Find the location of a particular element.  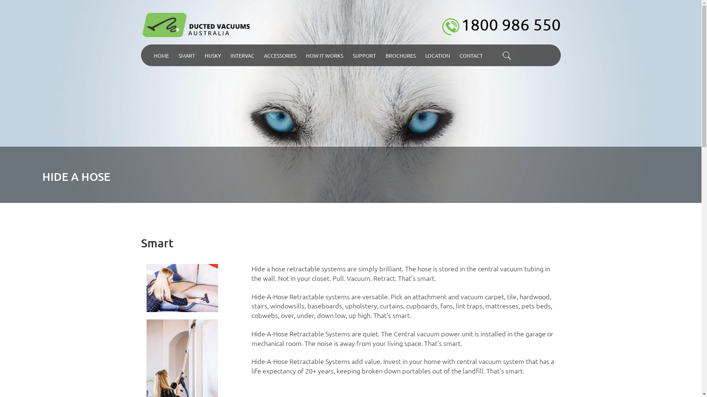

'LOCATION' is located at coordinates (421, 55).